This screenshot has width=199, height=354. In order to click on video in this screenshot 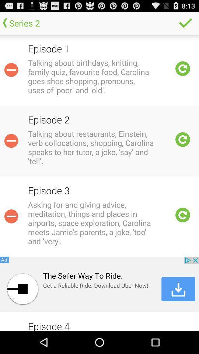, I will do `click(182, 139)`.